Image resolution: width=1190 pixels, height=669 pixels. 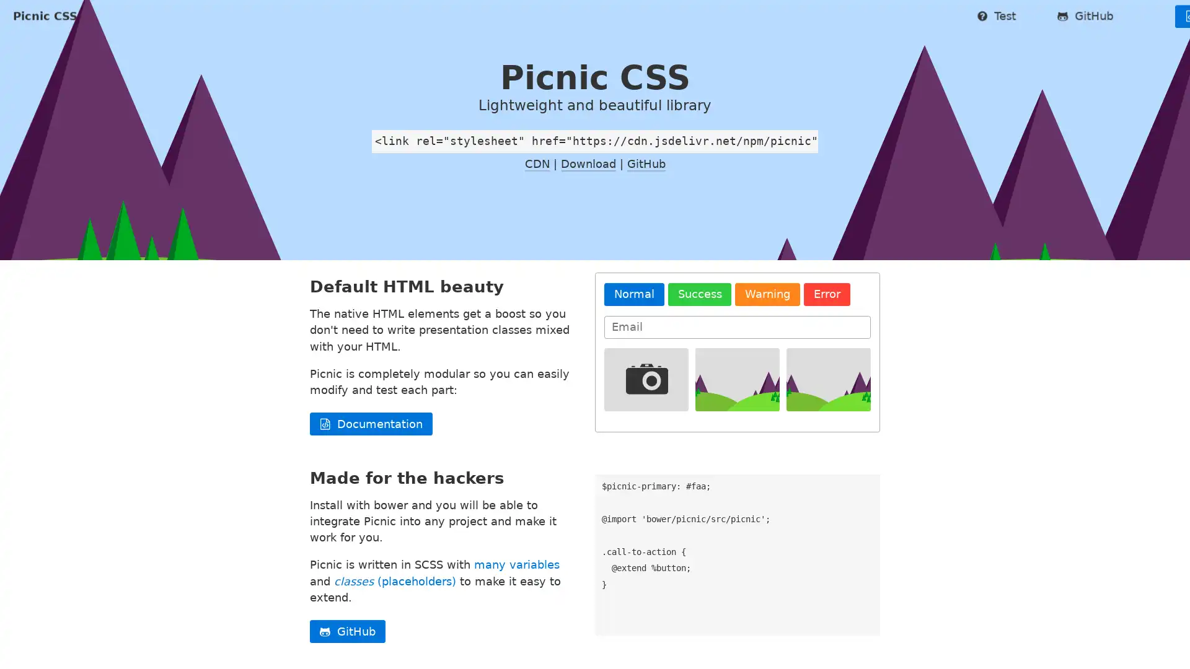 I want to click on Choose File, so click(x=735, y=393).